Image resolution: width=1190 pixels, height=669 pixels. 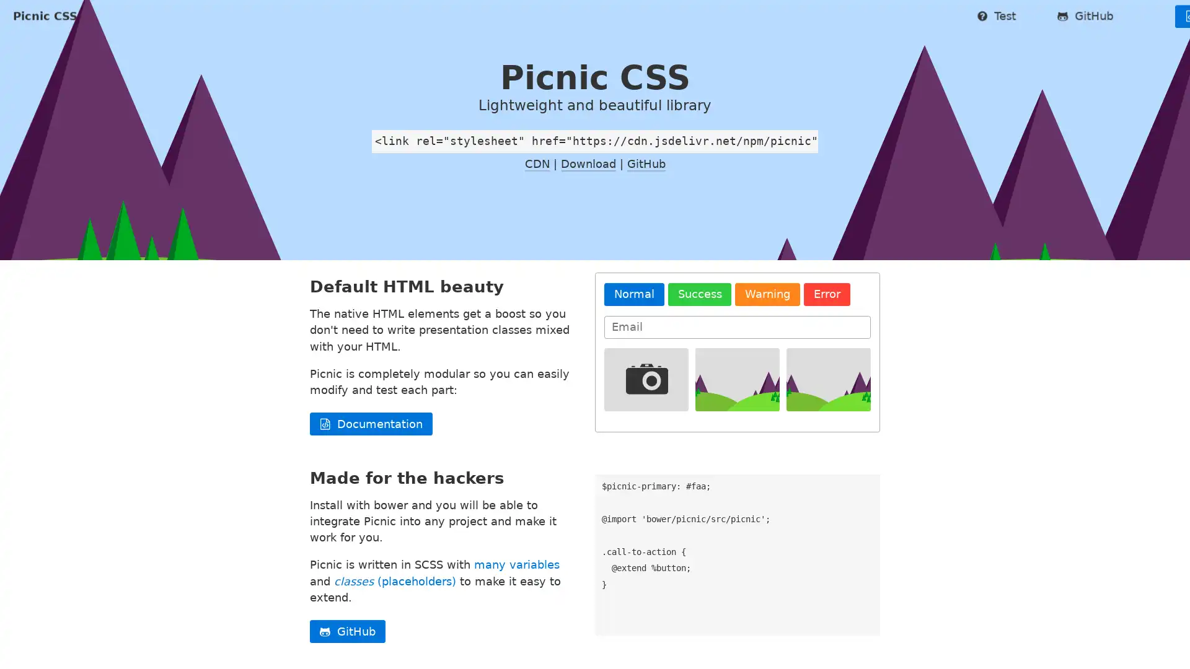 I want to click on Choose File, so click(x=735, y=393).